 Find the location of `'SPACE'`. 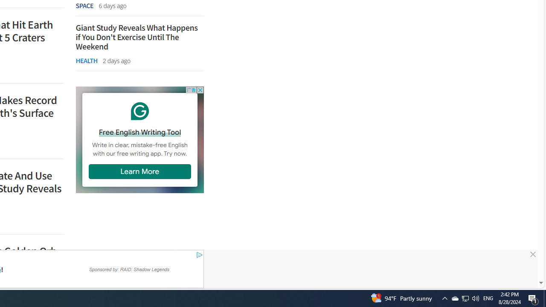

'SPACE' is located at coordinates (84, 5).